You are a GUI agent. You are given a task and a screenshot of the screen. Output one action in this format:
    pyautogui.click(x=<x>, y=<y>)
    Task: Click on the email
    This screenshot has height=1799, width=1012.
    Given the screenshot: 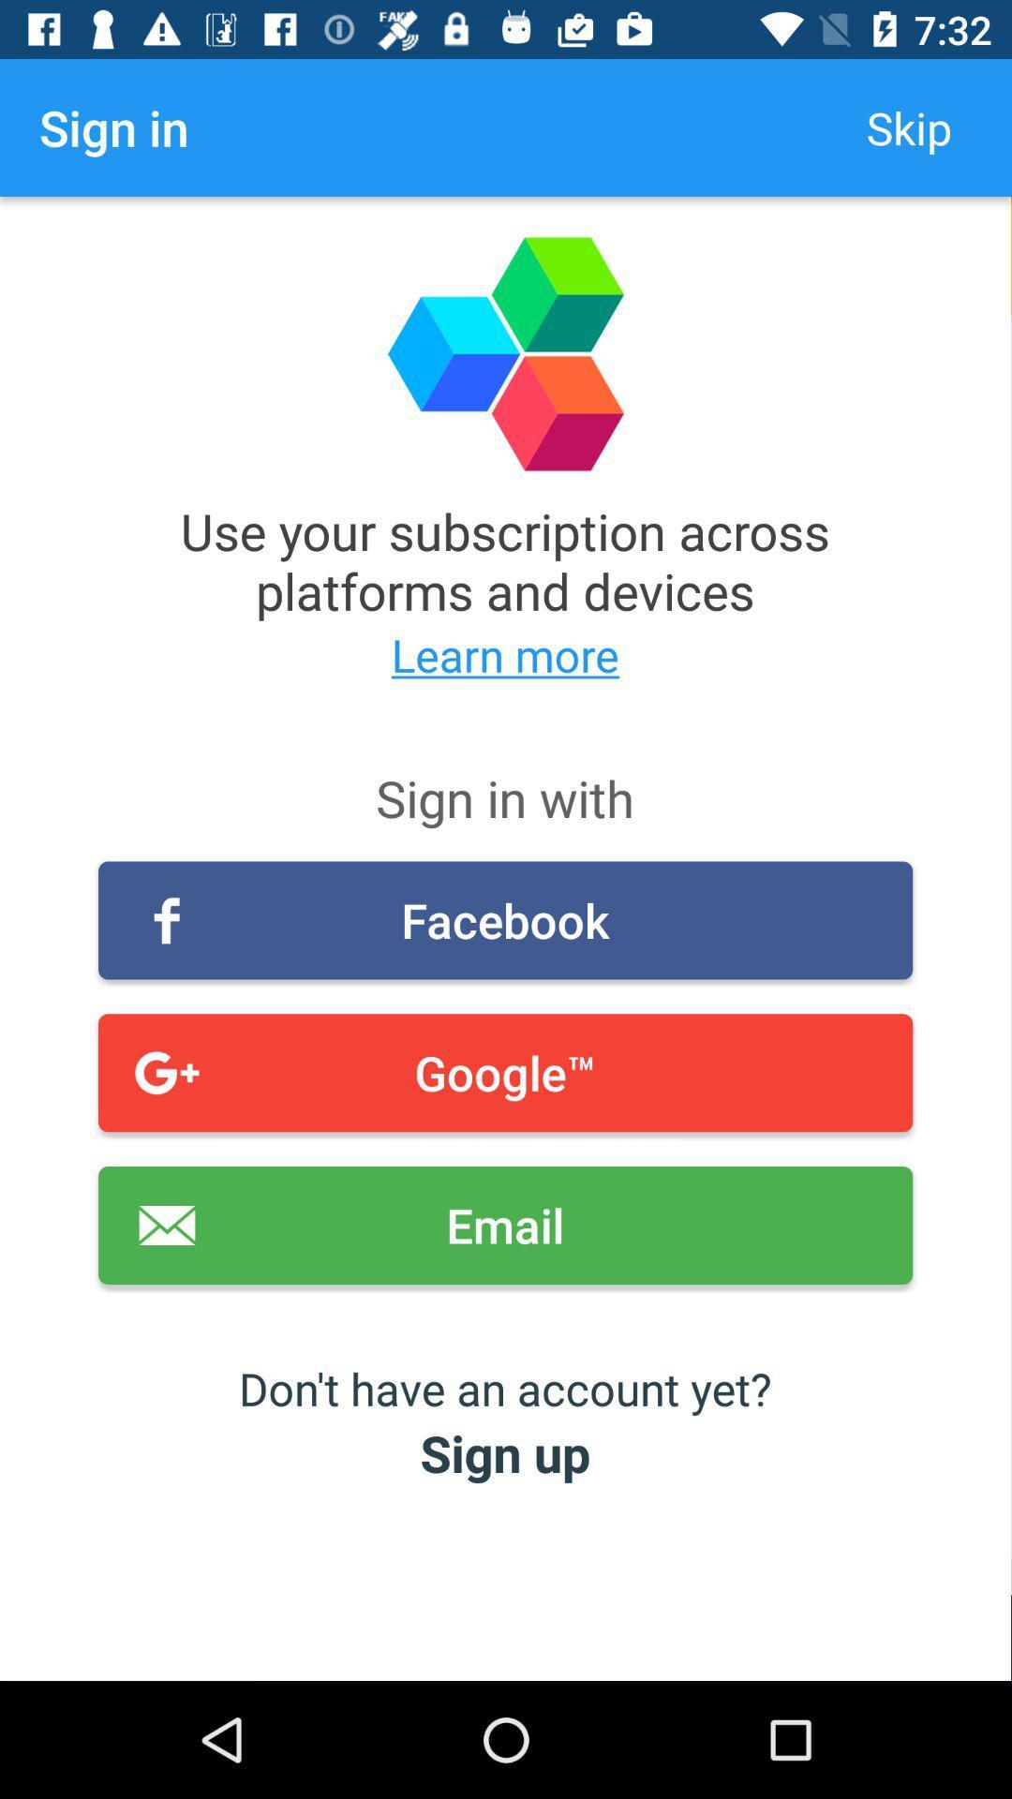 What is the action you would take?
    pyautogui.click(x=504, y=1226)
    